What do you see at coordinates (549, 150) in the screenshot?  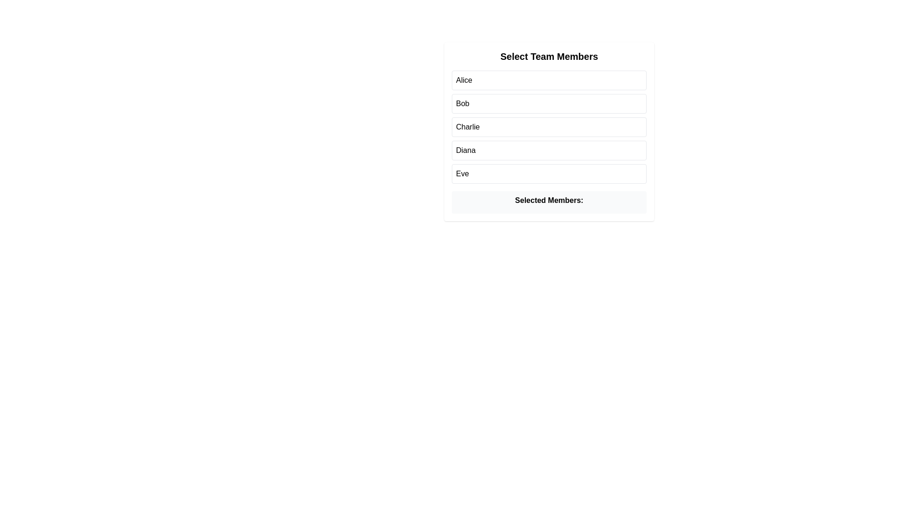 I see `the list item labeled 'Diana'` at bounding box center [549, 150].